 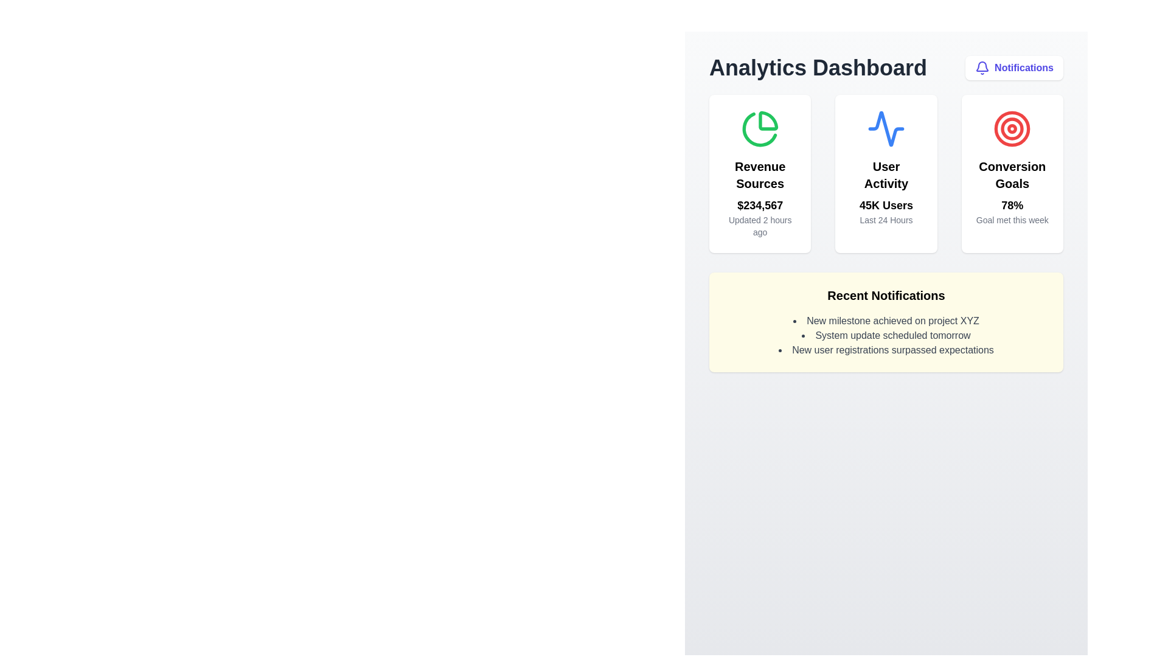 What do you see at coordinates (886, 321) in the screenshot?
I see `the first notification message in the vertical list under the title 'Recent Notifications' in the yellow-colored notification area of the dashboard interface, which informs the user about the latest milestone in project XYZ` at bounding box center [886, 321].